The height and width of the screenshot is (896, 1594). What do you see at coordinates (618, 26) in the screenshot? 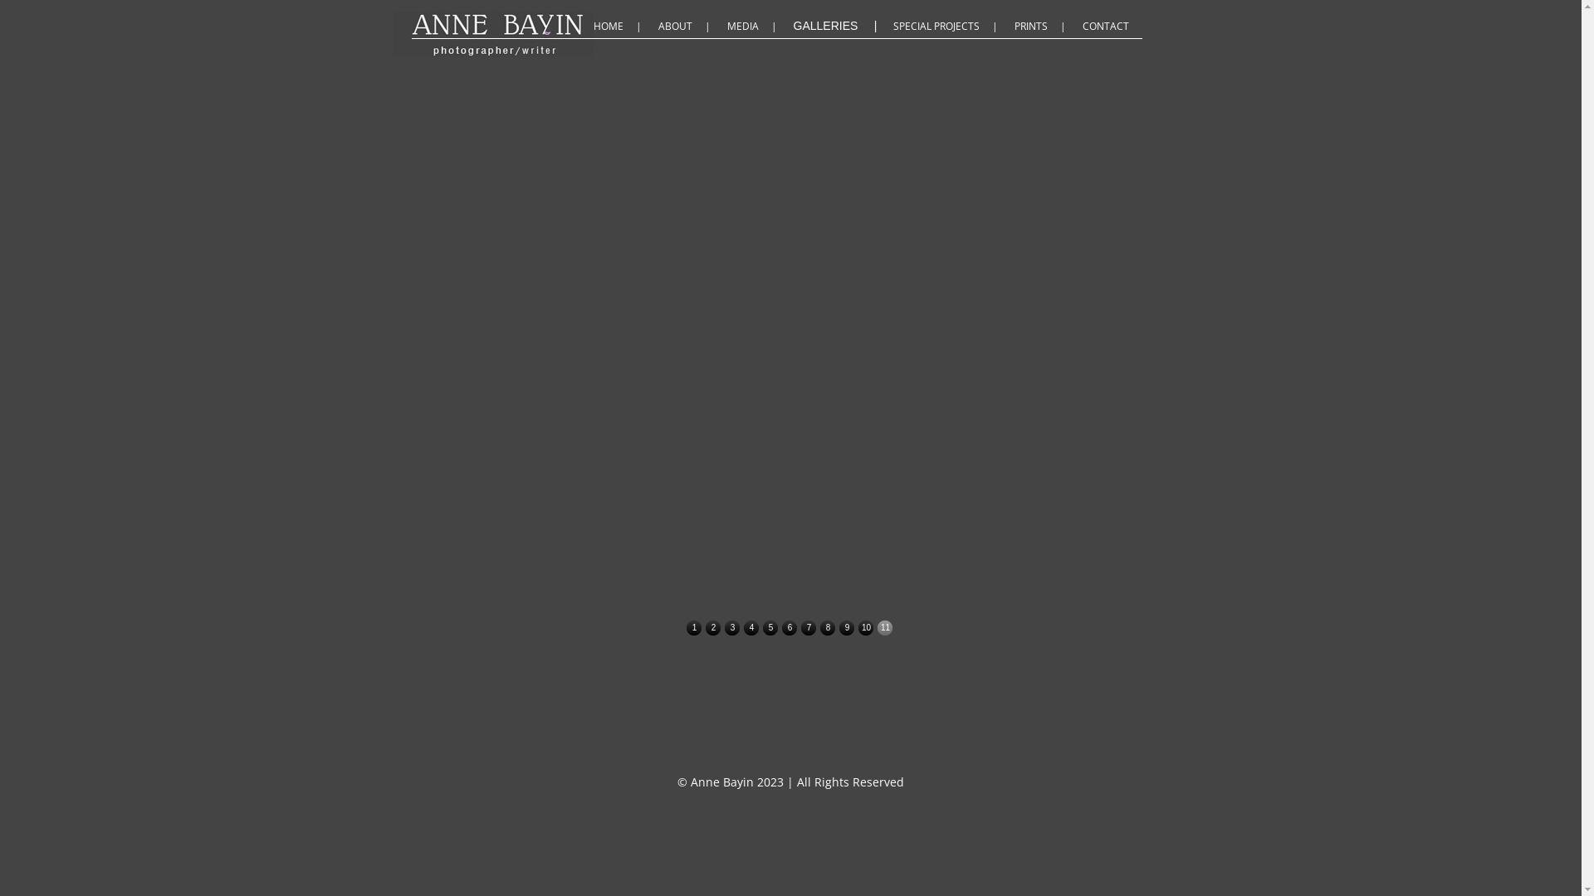
I see `'HOME'` at bounding box center [618, 26].